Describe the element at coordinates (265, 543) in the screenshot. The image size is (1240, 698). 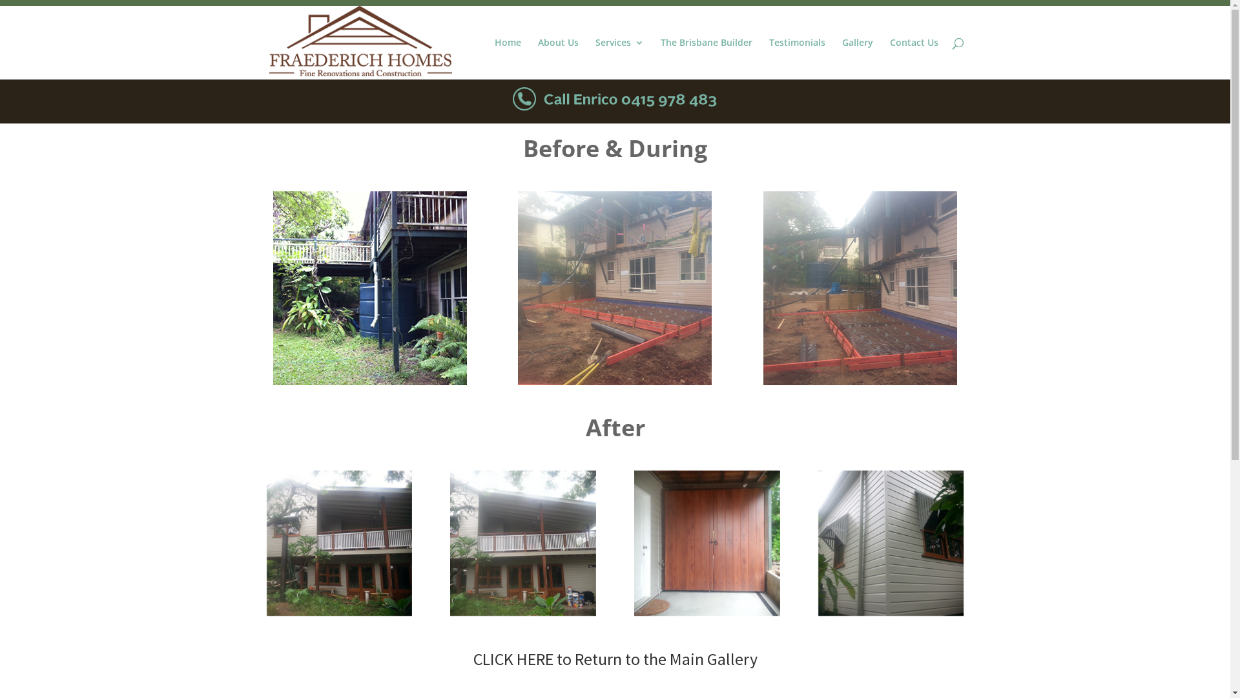
I see `'Extend Upstairs and Down After 01'` at that location.